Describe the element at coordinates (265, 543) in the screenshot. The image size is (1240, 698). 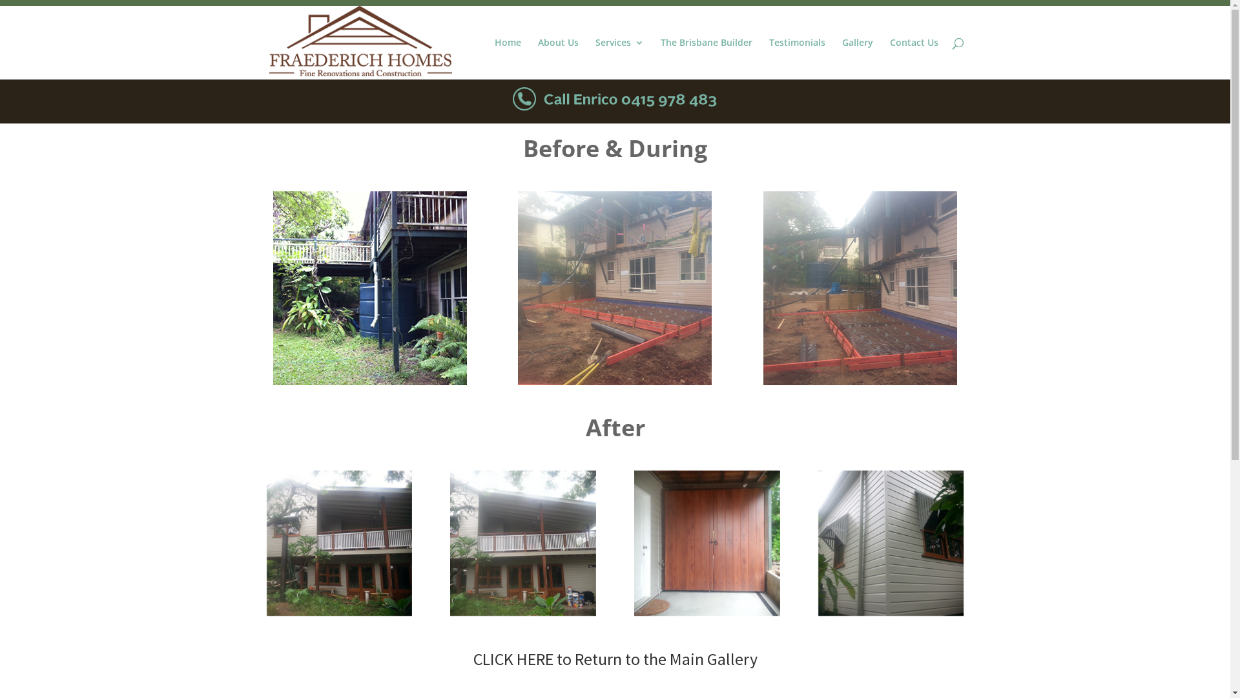
I see `'Extend Upstairs and Down After 01'` at that location.